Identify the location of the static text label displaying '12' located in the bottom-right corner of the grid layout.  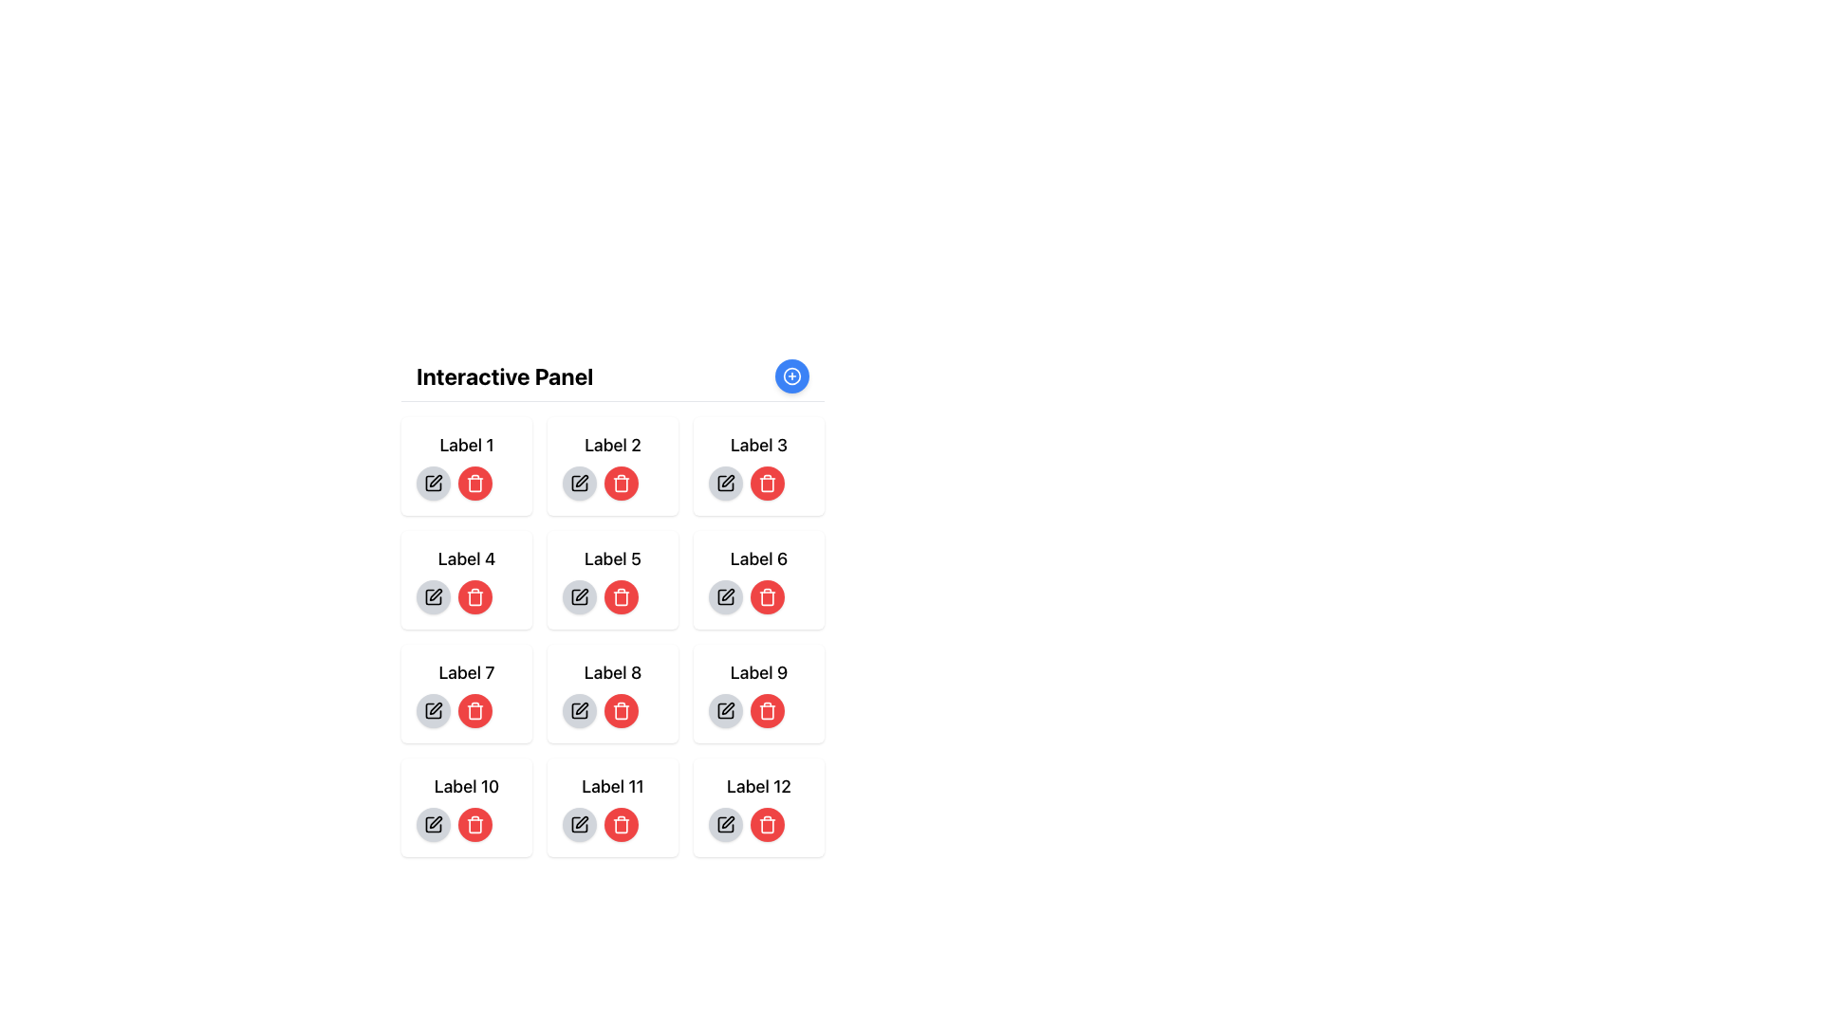
(759, 786).